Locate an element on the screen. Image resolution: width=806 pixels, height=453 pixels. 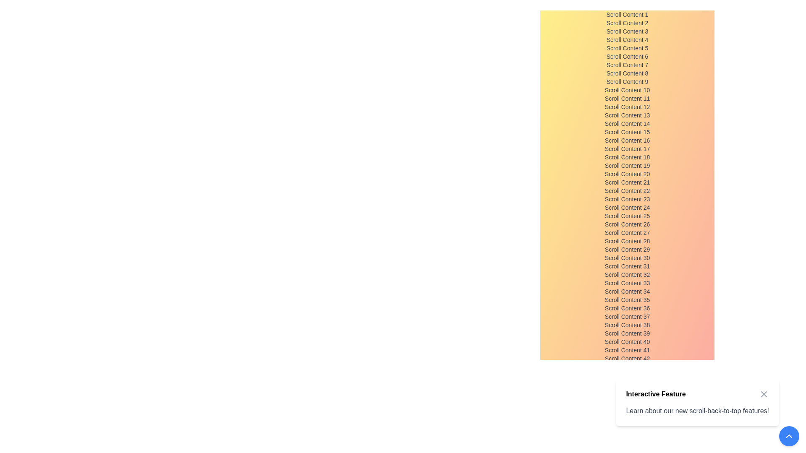
the second text label in the scrollable list that conveys information to the user is located at coordinates (627, 22).